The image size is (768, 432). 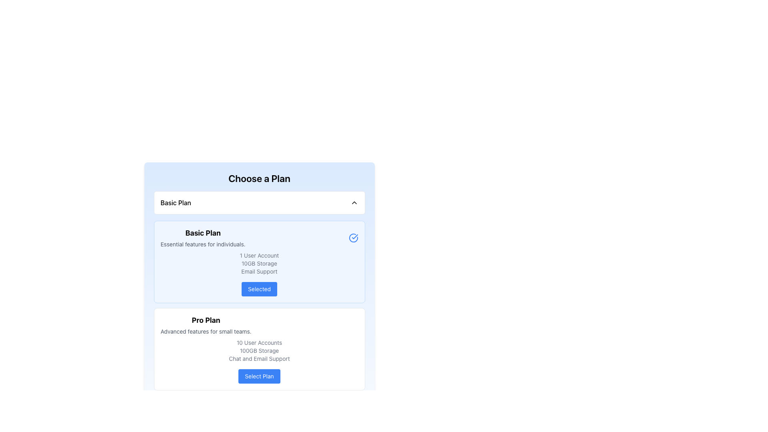 I want to click on the text label displaying '1 User Account' which is located at the top of the 'Basic Plan' section, so click(x=259, y=256).